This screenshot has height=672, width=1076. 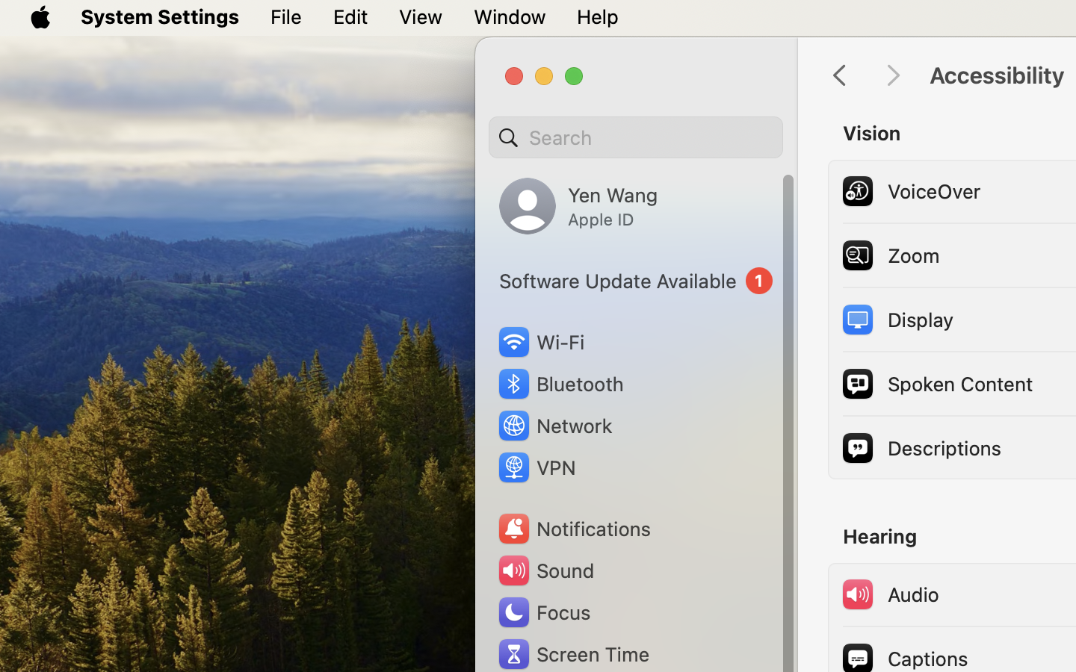 What do you see at coordinates (539, 341) in the screenshot?
I see `'Wi‑Fi'` at bounding box center [539, 341].